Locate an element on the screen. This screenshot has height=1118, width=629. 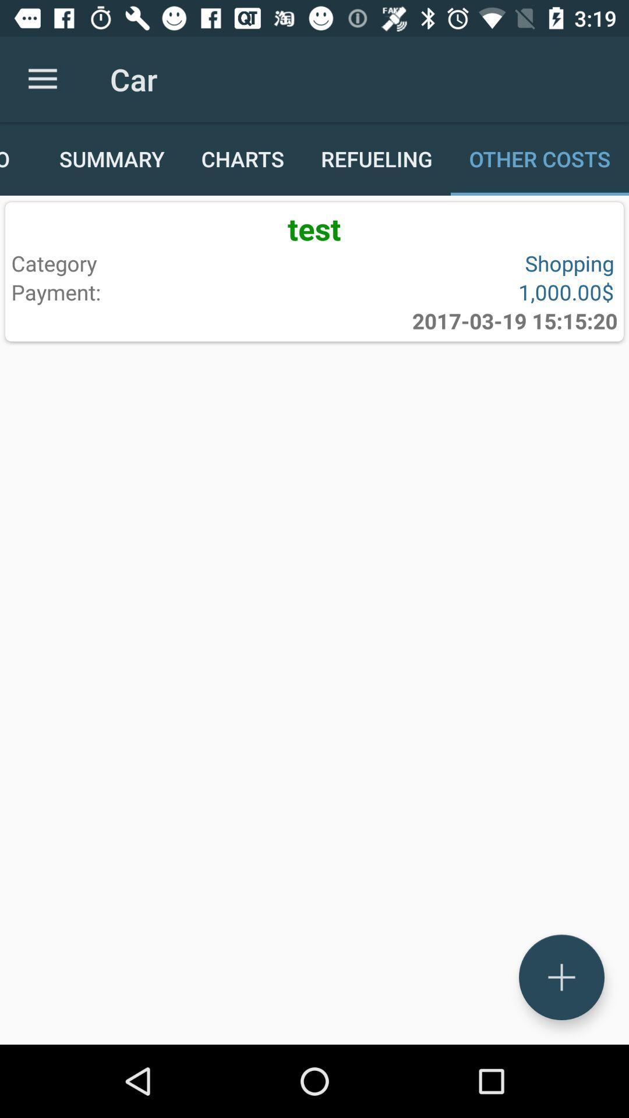
the icon next to the shopping is located at coordinates (160, 292).